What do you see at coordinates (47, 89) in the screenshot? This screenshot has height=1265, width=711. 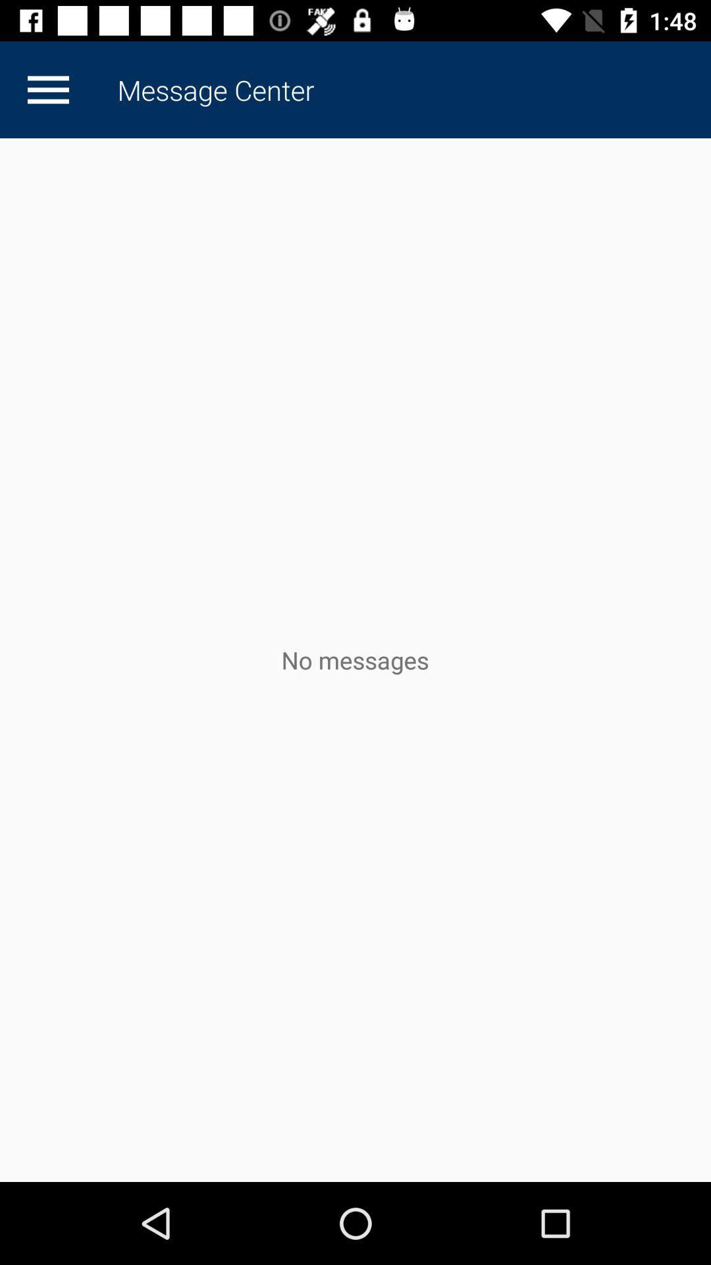 I see `app next to the message center item` at bounding box center [47, 89].